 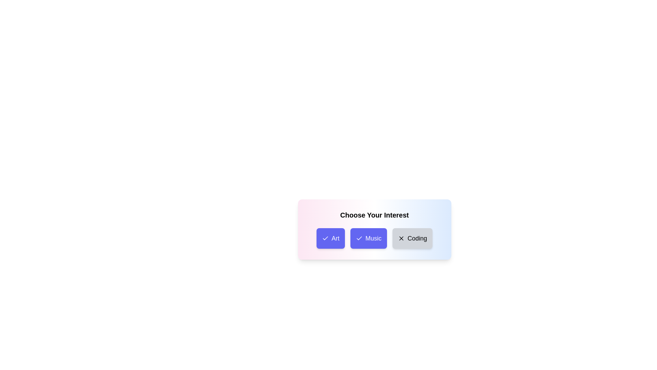 What do you see at coordinates (412, 238) in the screenshot?
I see `the category button labeled Coding to observe the hover effect` at bounding box center [412, 238].